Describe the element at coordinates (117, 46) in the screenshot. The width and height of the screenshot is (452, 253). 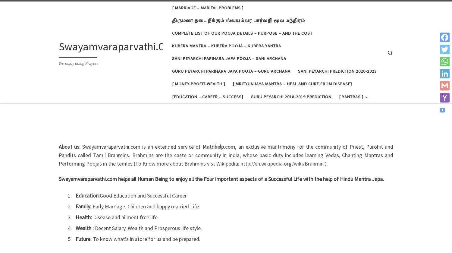
I see `'Swayamvaraparvathi.Org'` at that location.